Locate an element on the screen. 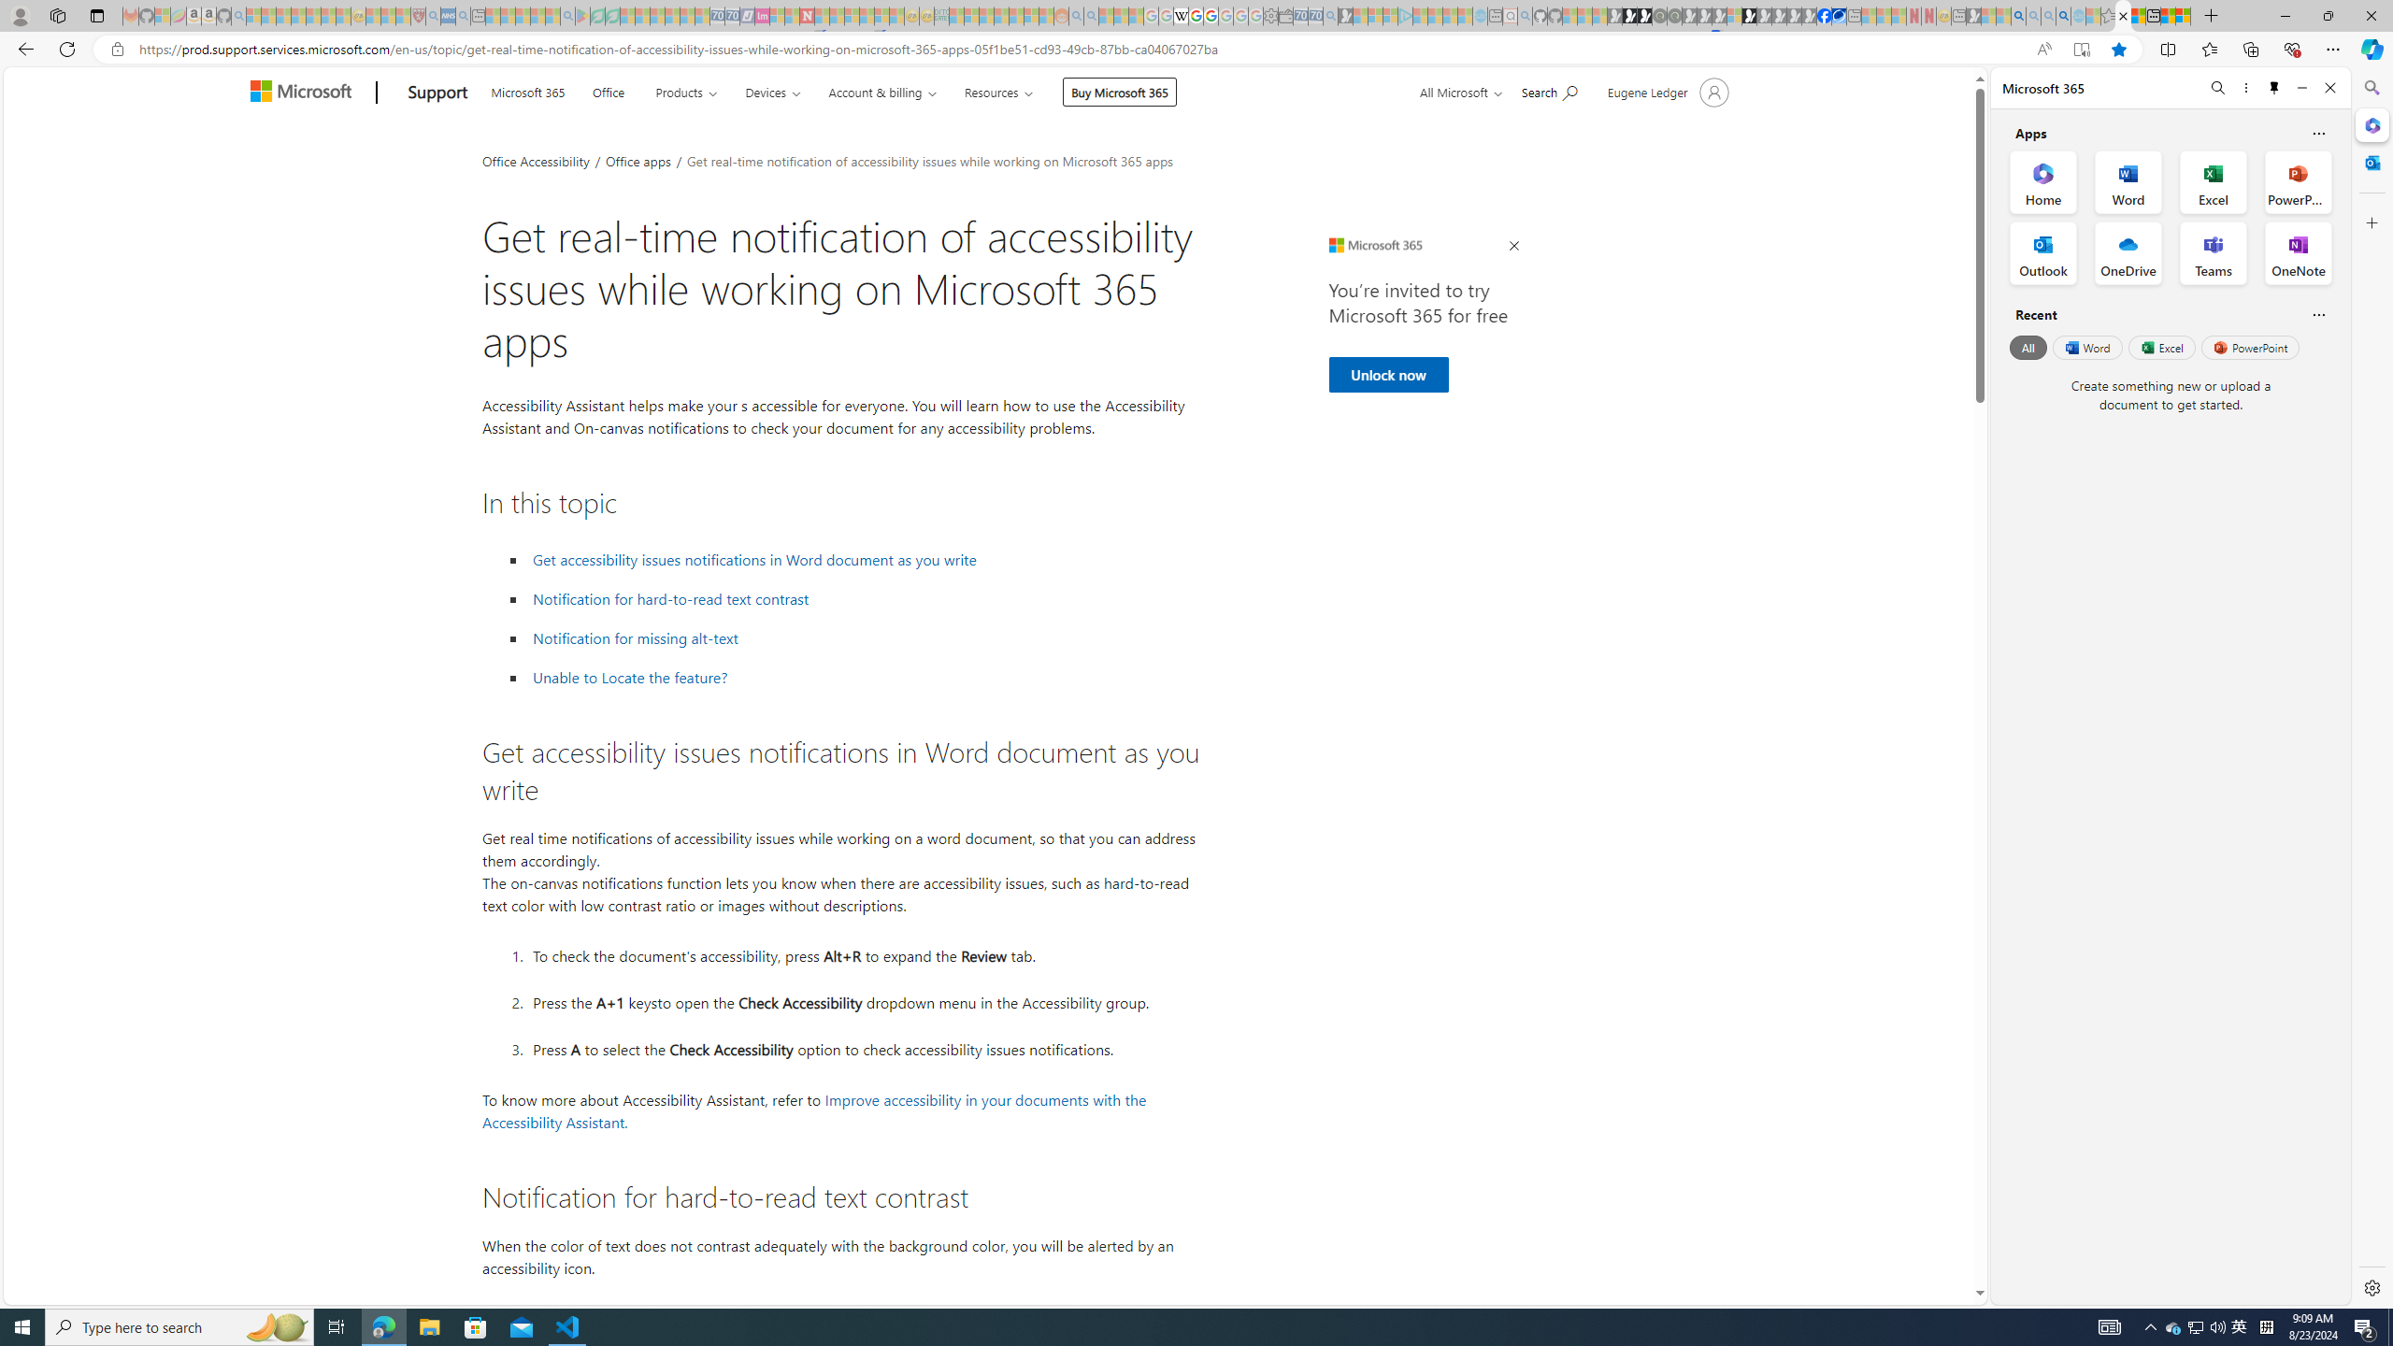 Image resolution: width=2393 pixels, height=1346 pixels. 'utah sues federal government - Search - Sleeping' is located at coordinates (462, 15).